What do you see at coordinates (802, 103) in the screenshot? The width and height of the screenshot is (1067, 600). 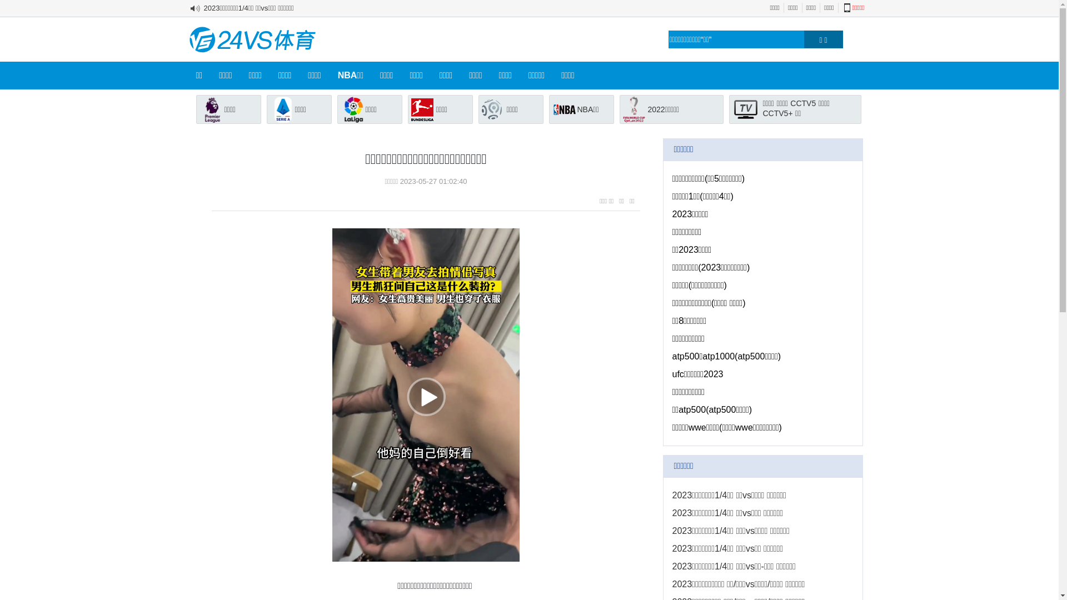 I see `'CCTV5'` at bounding box center [802, 103].